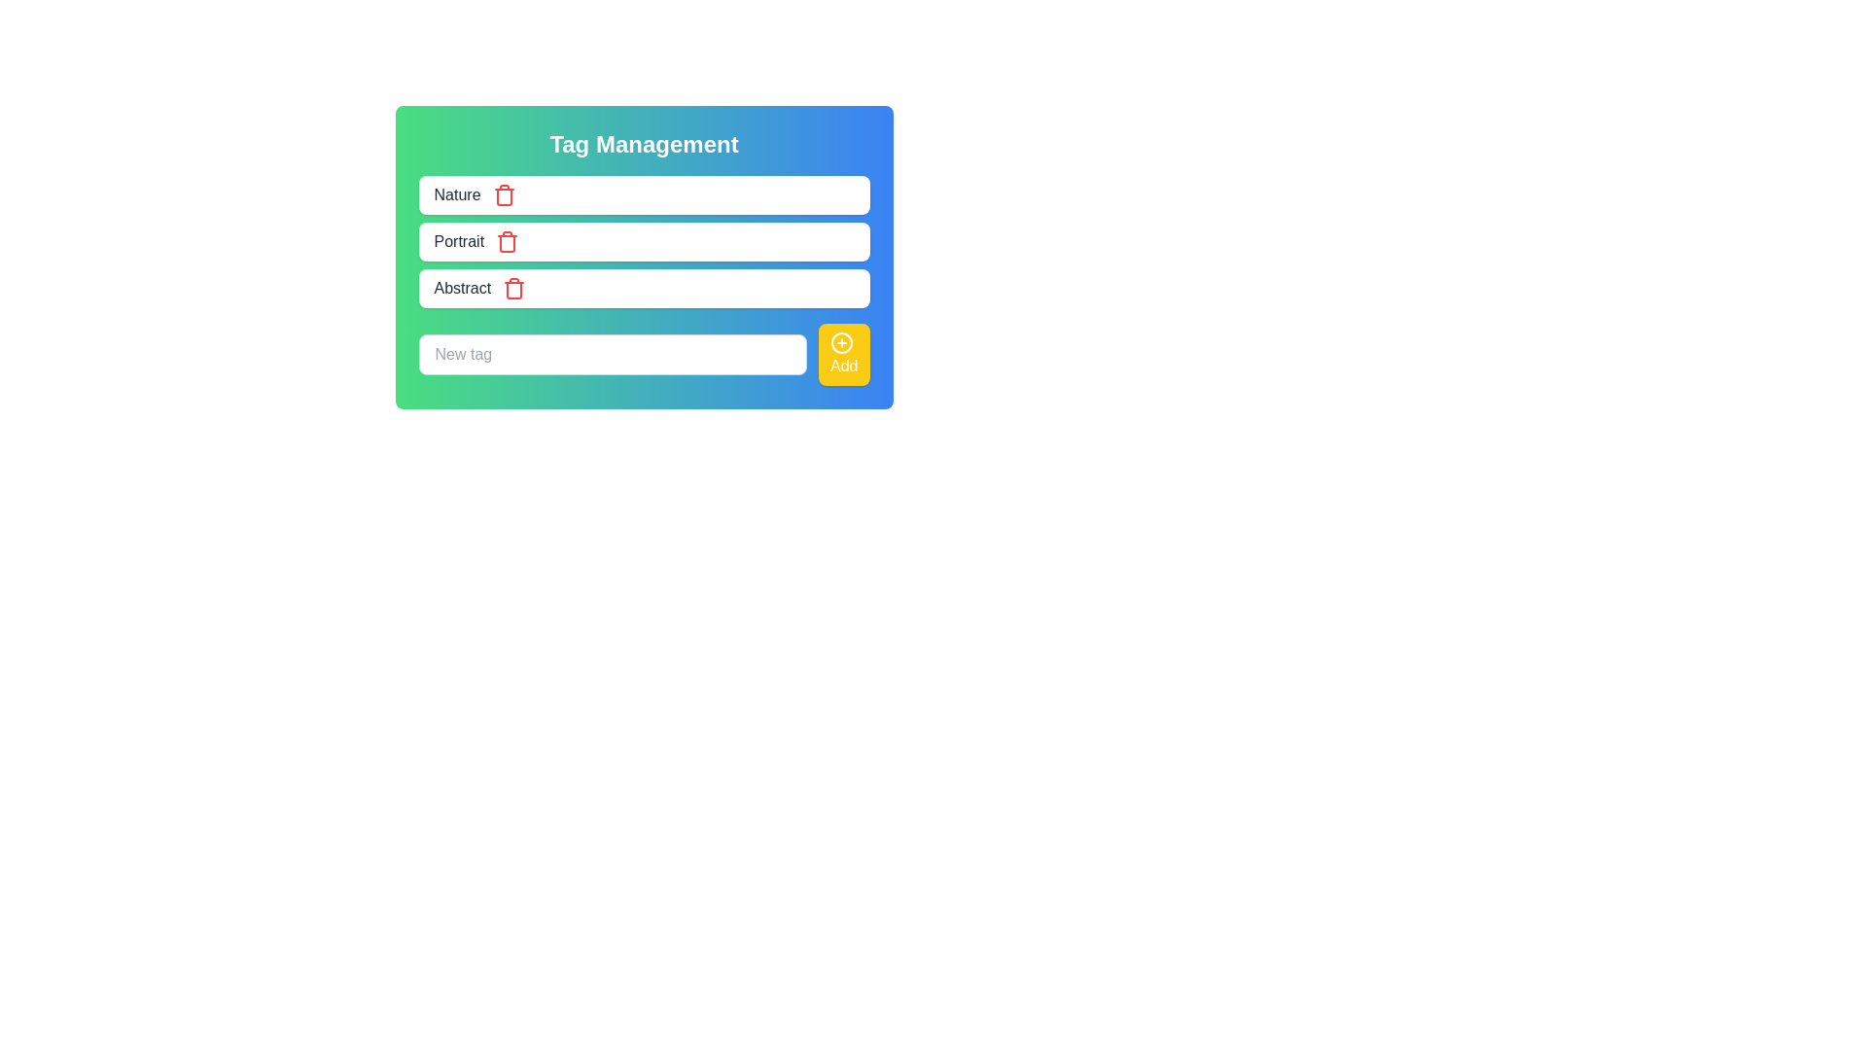 This screenshot has width=1867, height=1050. What do you see at coordinates (508, 241) in the screenshot?
I see `the tag labeled 'Portrait' by clicking the corresponding 'Trash' icon` at bounding box center [508, 241].